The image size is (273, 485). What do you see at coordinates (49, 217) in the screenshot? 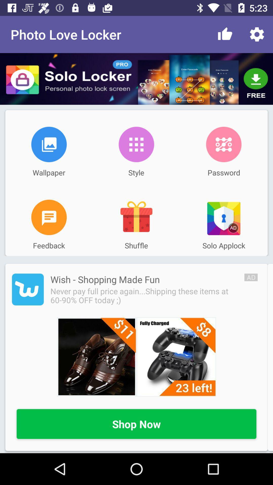
I see `submit feedback` at bounding box center [49, 217].